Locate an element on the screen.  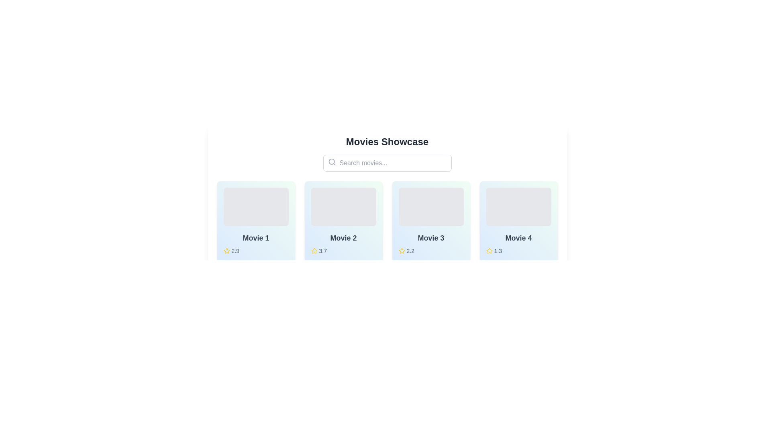
the search input field located below the headline 'Movies Showcase' is located at coordinates (387, 163).